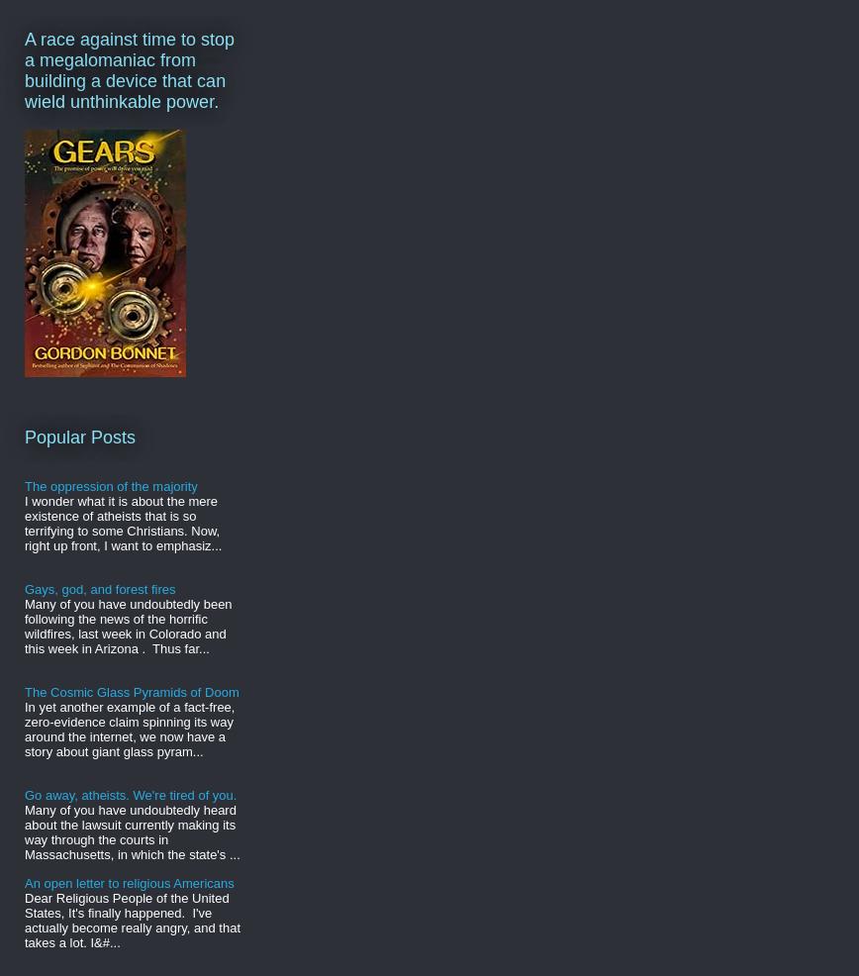 The image size is (859, 976). Describe the element at coordinates (129, 69) in the screenshot. I see `'A race against time to stop a megalomaniac from building a device that can wield unthinkable power.'` at that location.